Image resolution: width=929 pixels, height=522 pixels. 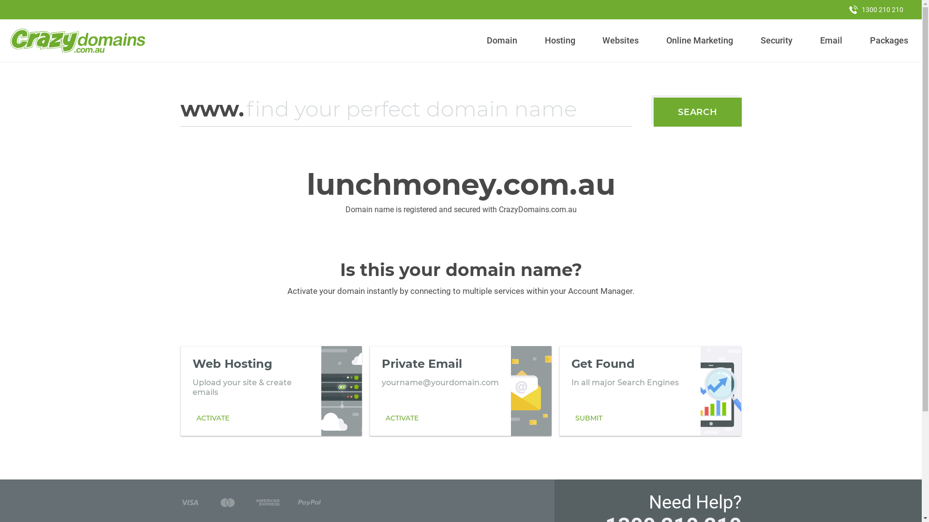 I want to click on 'Web Hosting, so click(x=271, y=391).